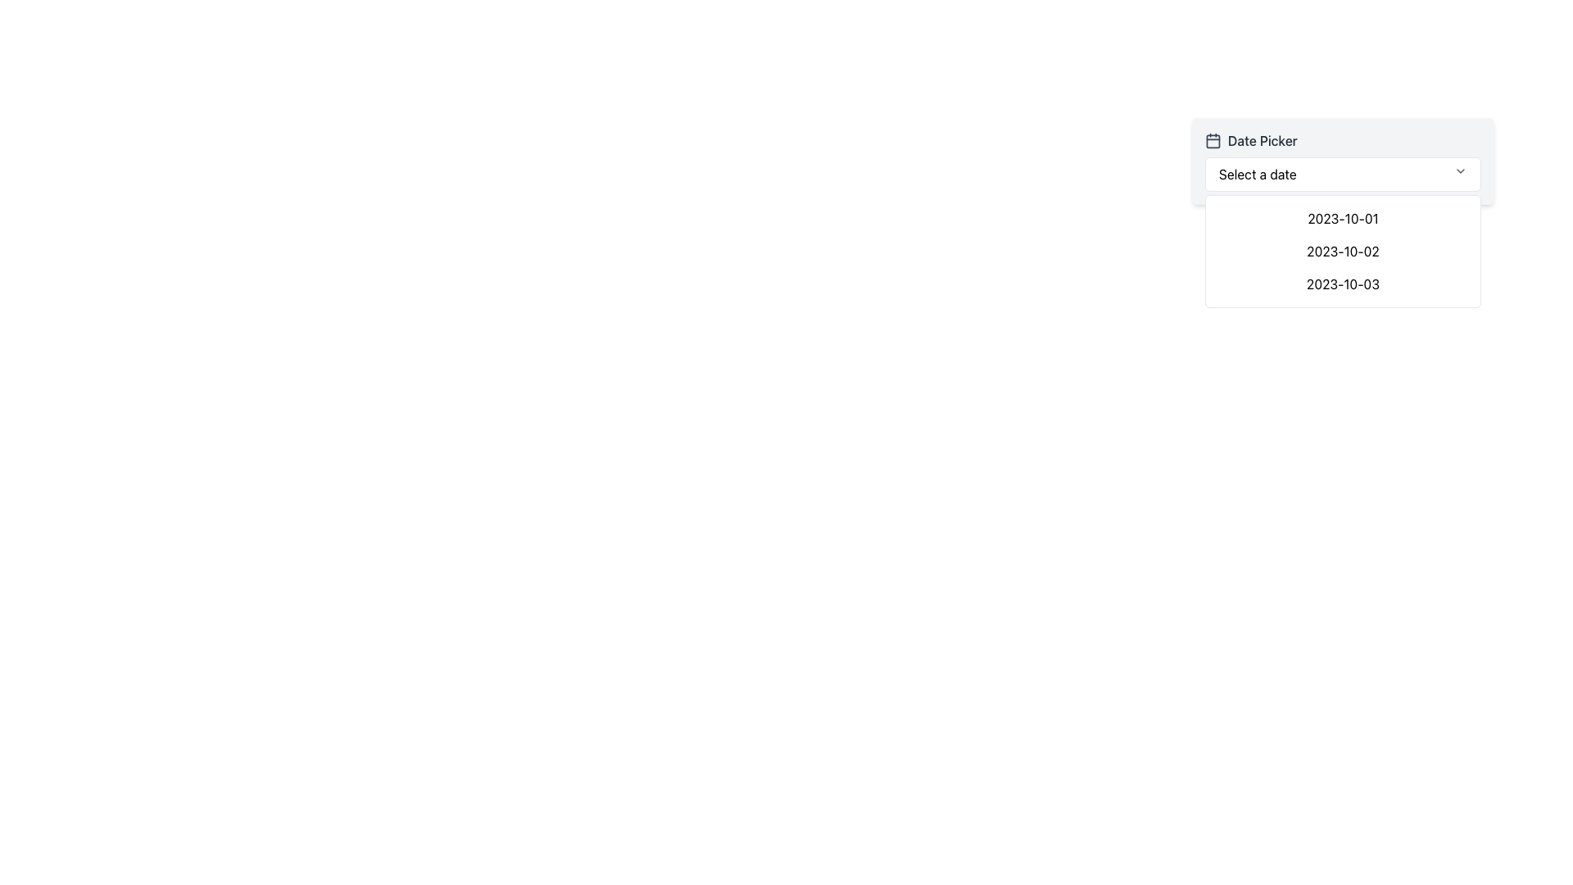  I want to click on the SVG shape representing the calendar's main body in the Date Picker dropdown component, which is located at the top-left side of the dropdown, so click(1213, 140).